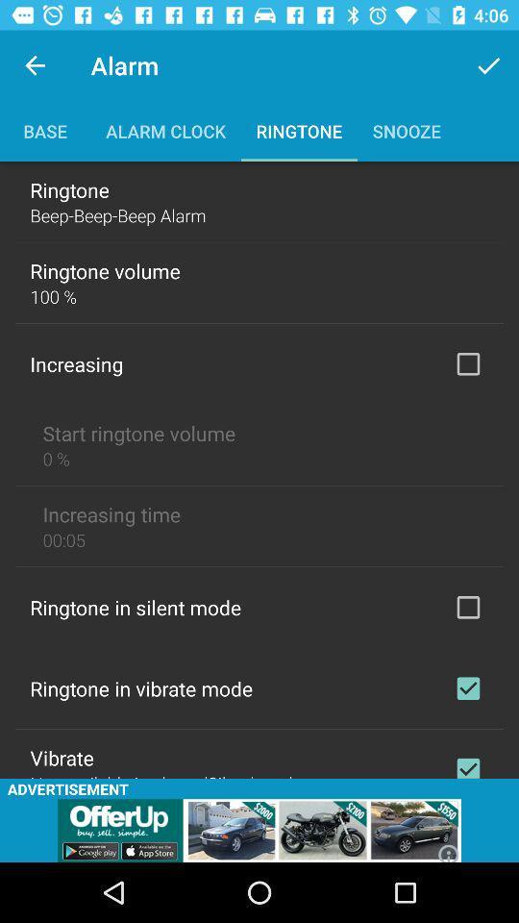 Image resolution: width=519 pixels, height=923 pixels. What do you see at coordinates (467, 362) in the screenshot?
I see `tick option` at bounding box center [467, 362].